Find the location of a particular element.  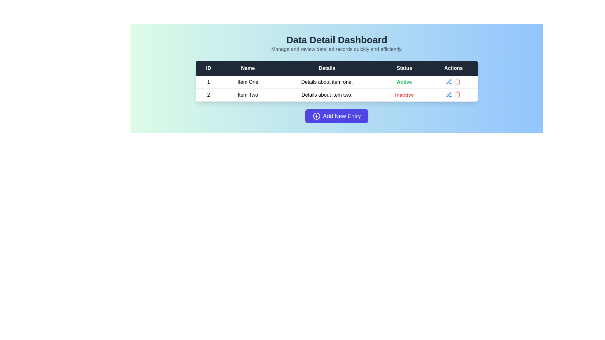

the table header labeled 'Details', which is the third header in a data table, positioned between 'Name' and 'Status', featuring bold white text on a dark blue background is located at coordinates (327, 68).